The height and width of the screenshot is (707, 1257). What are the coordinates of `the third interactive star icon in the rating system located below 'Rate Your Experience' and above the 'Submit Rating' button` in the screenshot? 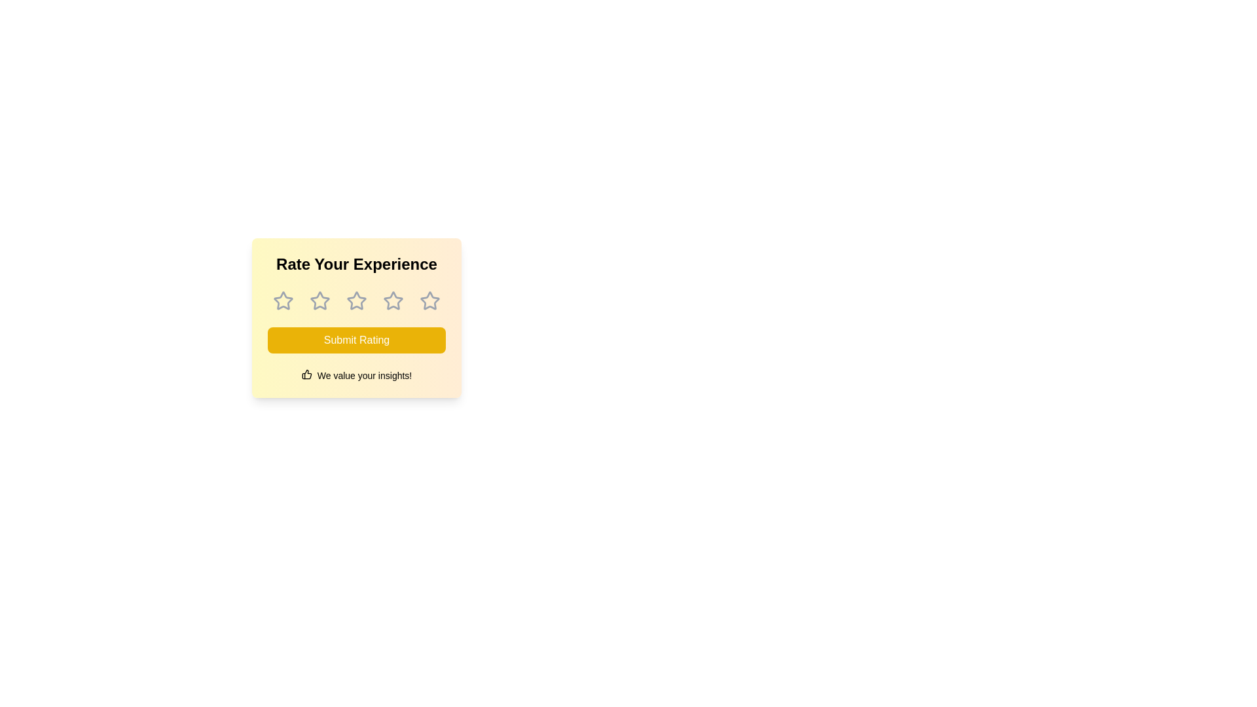 It's located at (357, 300).